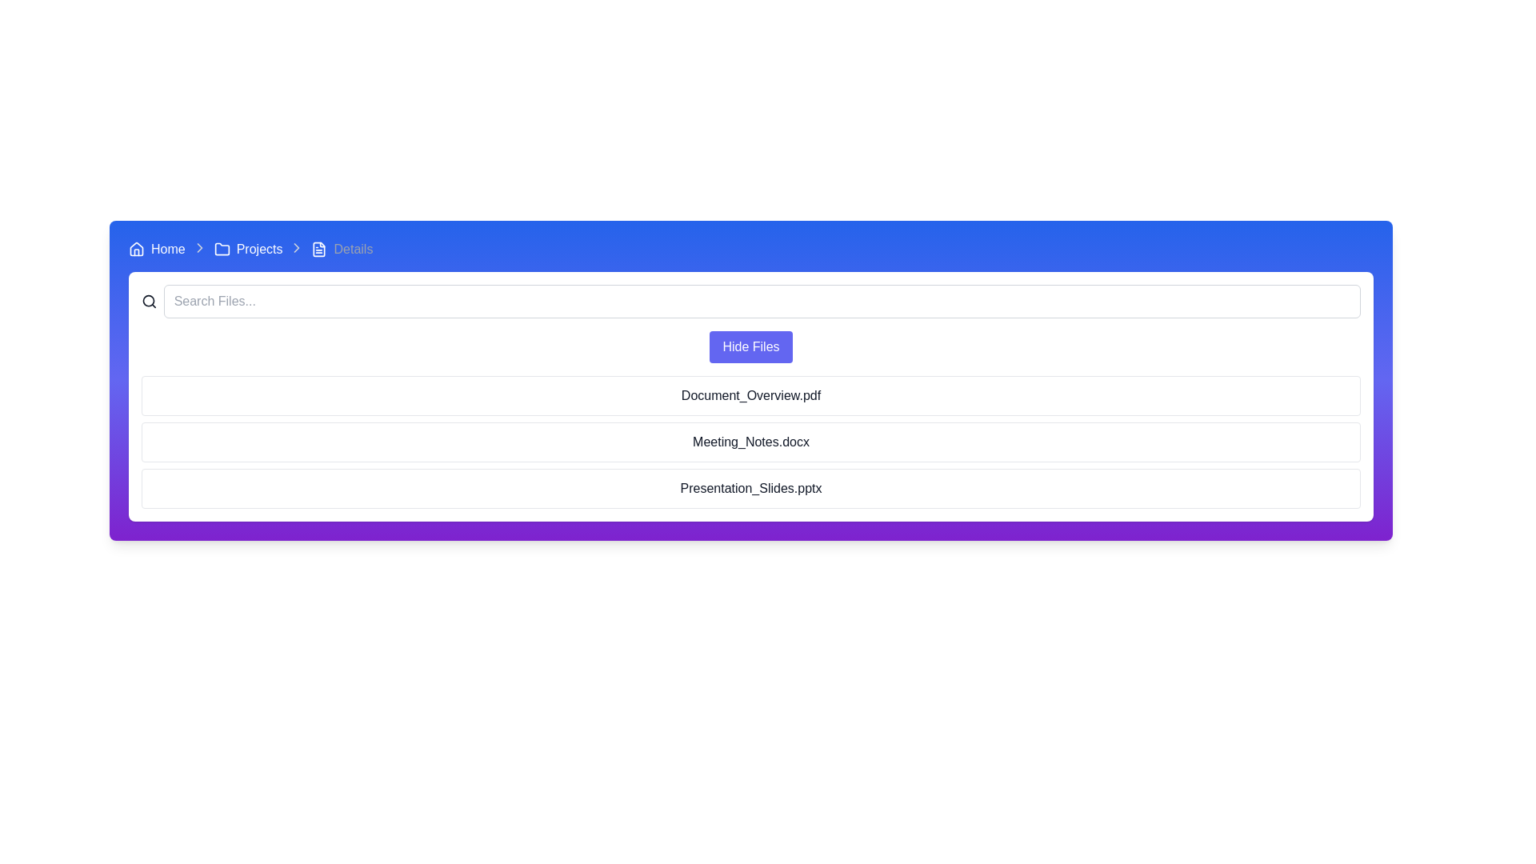 The image size is (1536, 864). What do you see at coordinates (221, 250) in the screenshot?
I see `the 'Projects' icon in the breadcrumb navigation bar, which serves as a visual representation of the folder or directory` at bounding box center [221, 250].